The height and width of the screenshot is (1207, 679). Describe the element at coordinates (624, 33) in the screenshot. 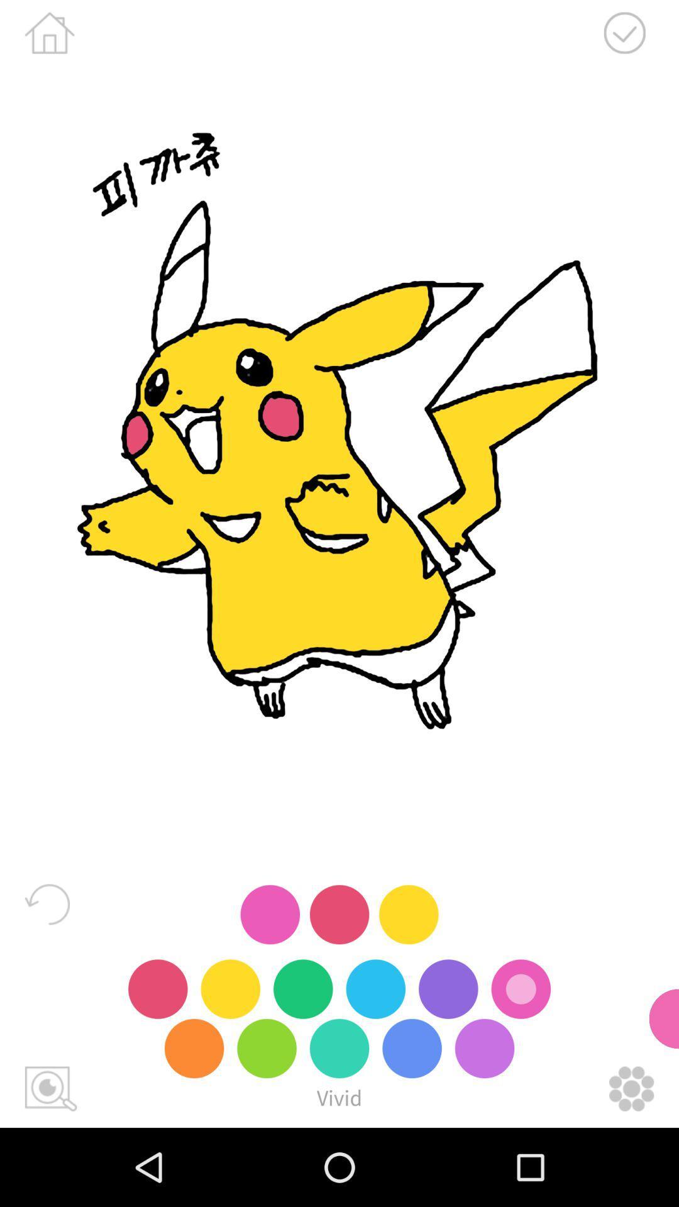

I see `the check icon` at that location.